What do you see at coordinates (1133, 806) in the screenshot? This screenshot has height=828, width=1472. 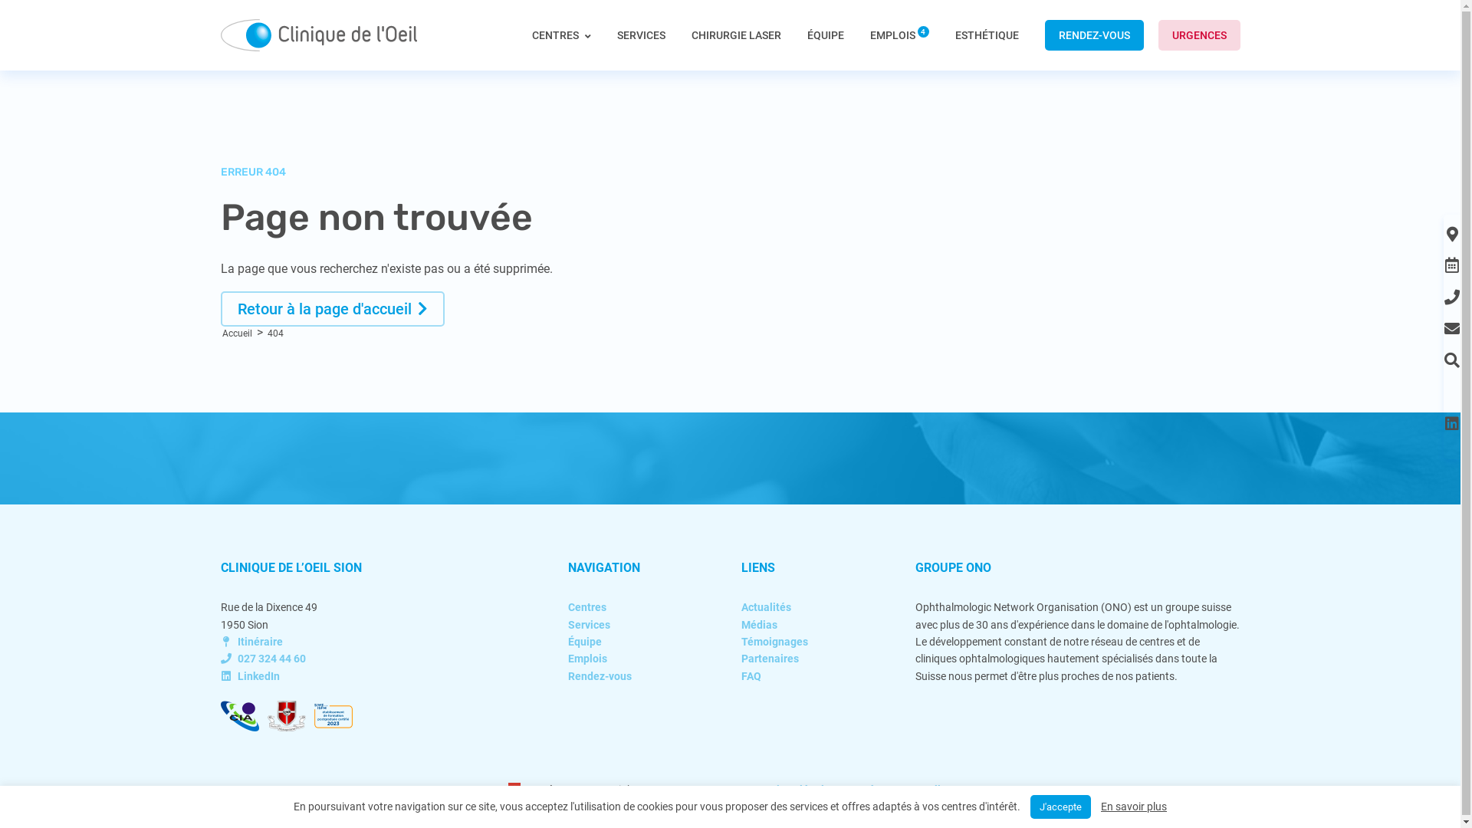 I see `'En savoir plus'` at bounding box center [1133, 806].